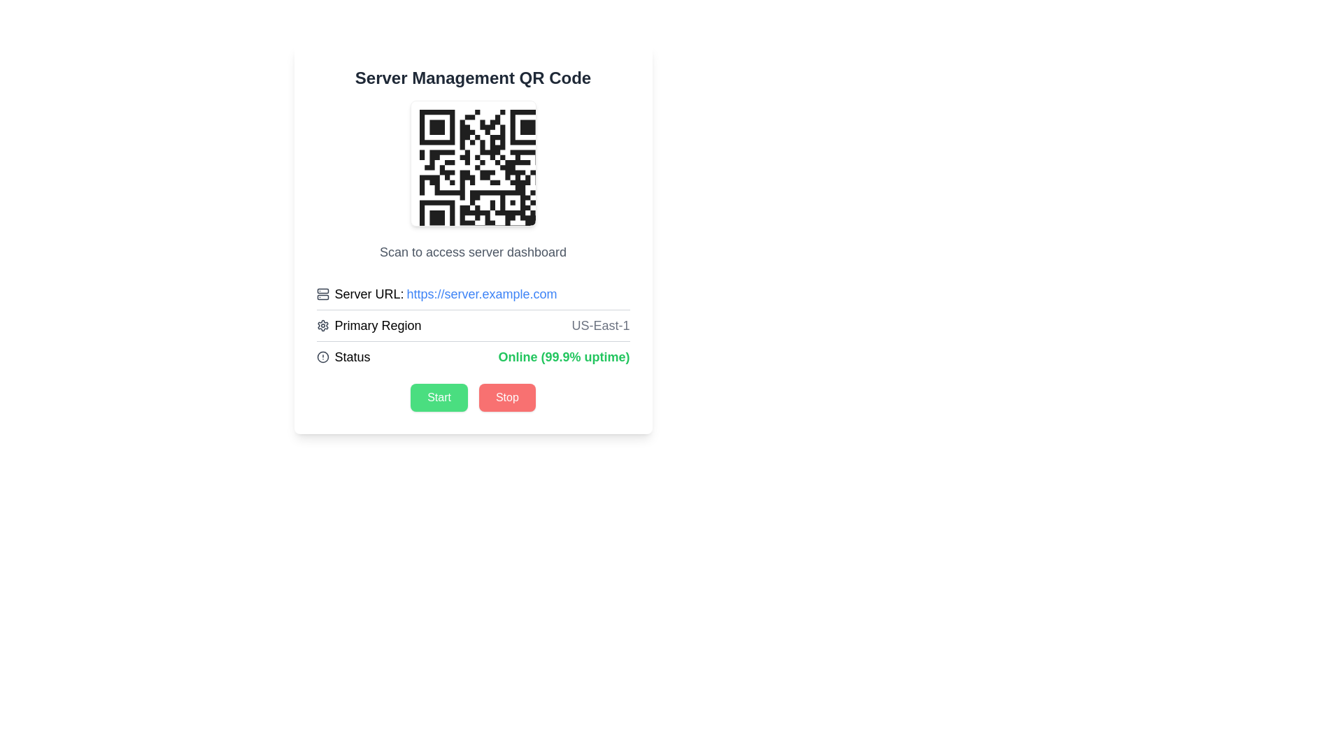 This screenshot has width=1343, height=755. What do you see at coordinates (322, 293) in the screenshot?
I see `the server icon, which is a gray minimalist outline design resembling server racks, located to the left of the 'Server URL: https://server.example.com' text` at bounding box center [322, 293].